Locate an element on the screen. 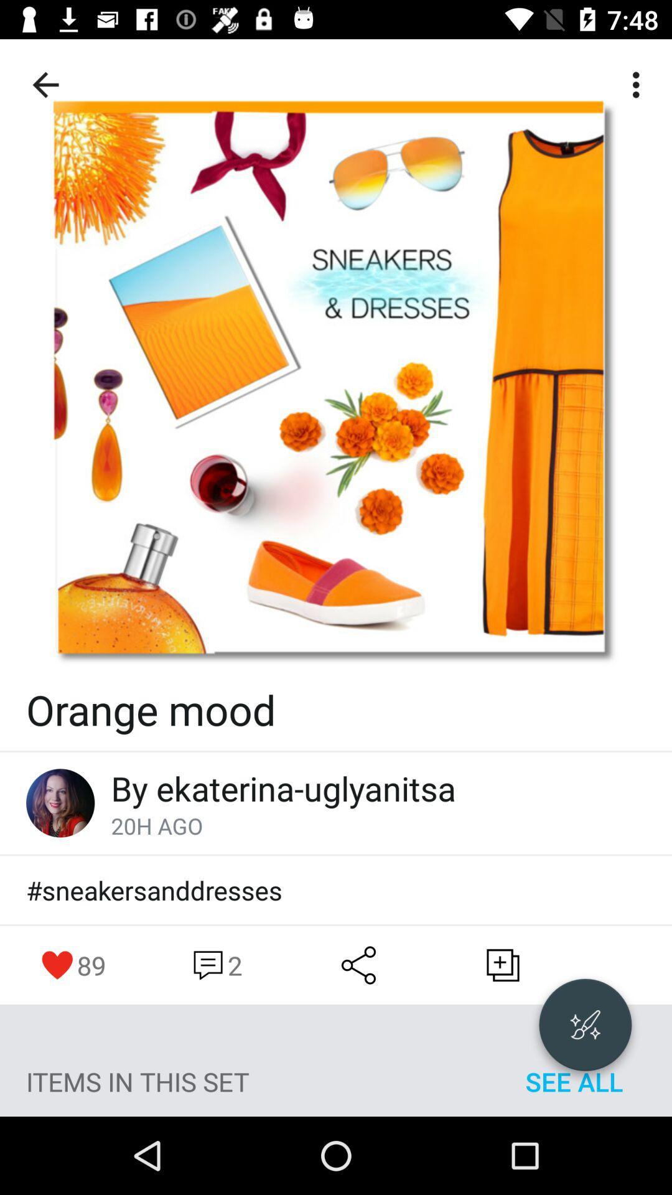 Image resolution: width=672 pixels, height=1195 pixels. messages icon which is right side if the like button is located at coordinates (215, 964).